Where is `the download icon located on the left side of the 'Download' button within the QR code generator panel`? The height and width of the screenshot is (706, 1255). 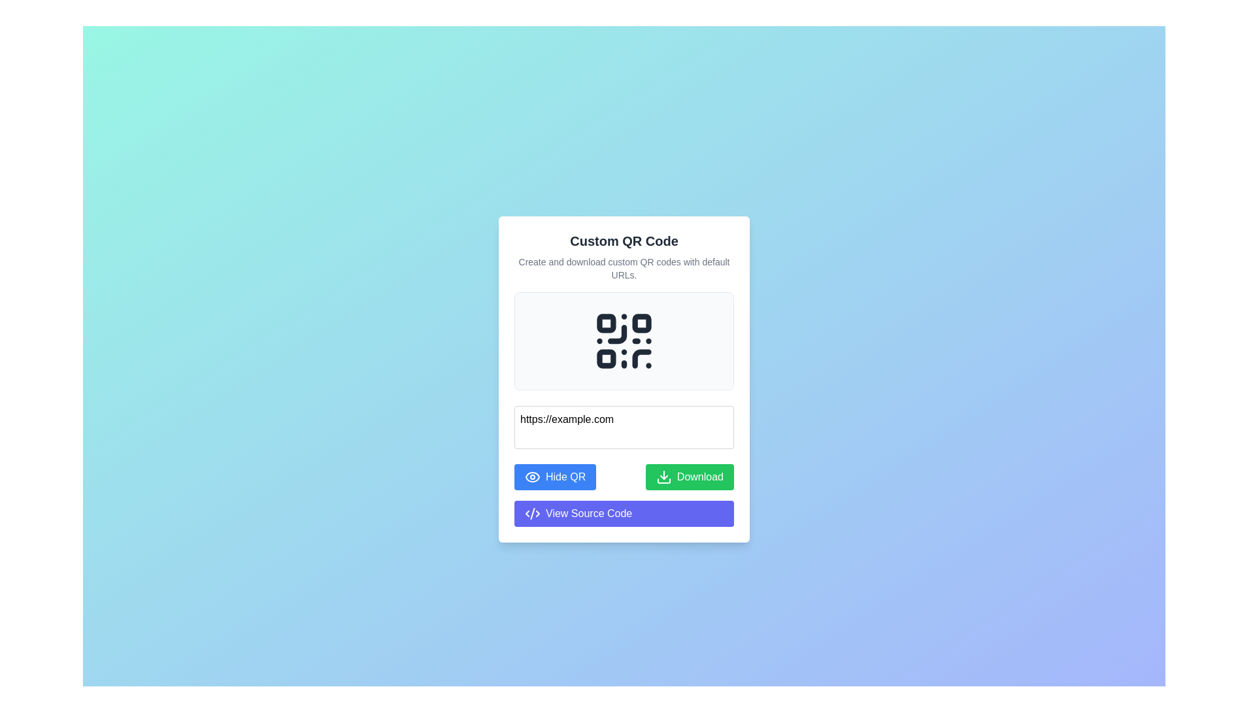 the download icon located on the left side of the 'Download' button within the QR code generator panel is located at coordinates (663, 477).